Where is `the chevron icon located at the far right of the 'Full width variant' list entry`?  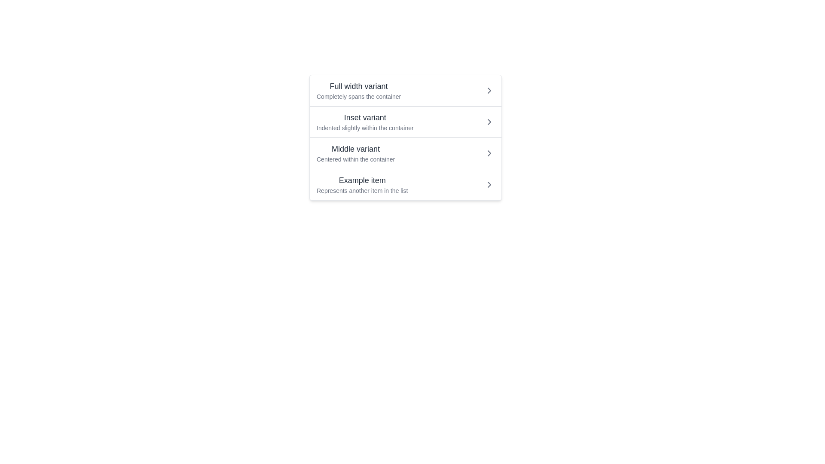
the chevron icon located at the far right of the 'Full width variant' list entry is located at coordinates (489, 91).